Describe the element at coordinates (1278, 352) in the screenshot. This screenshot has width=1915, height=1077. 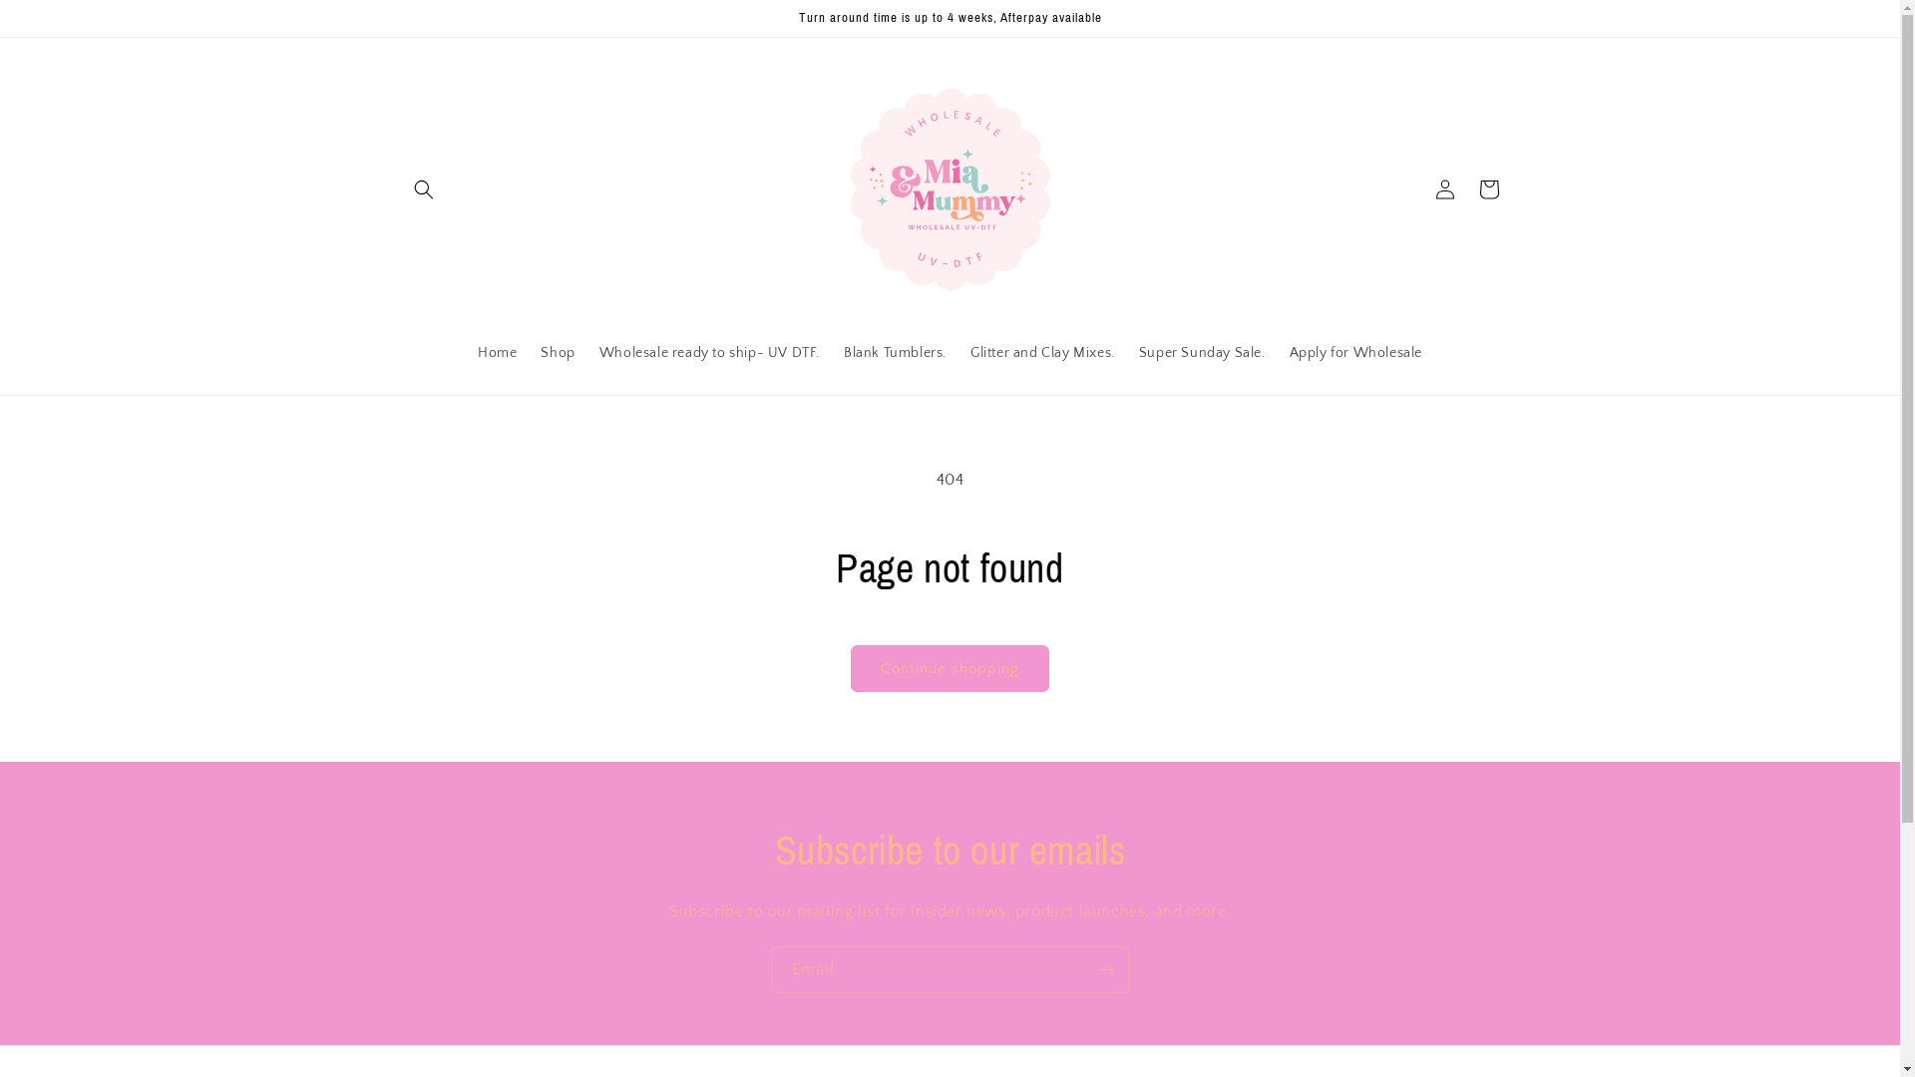
I see `'Apply for Wholesale'` at that location.